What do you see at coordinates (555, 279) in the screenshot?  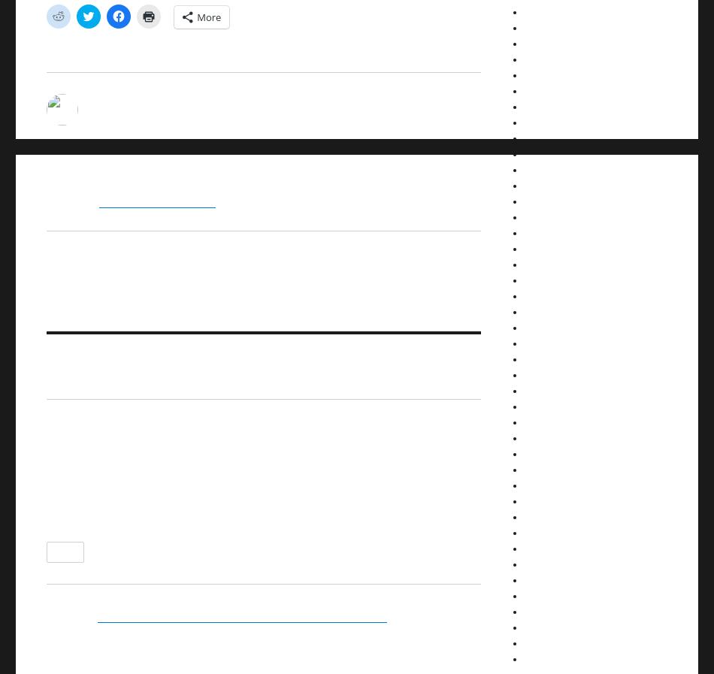 I see `'November 2015'` at bounding box center [555, 279].